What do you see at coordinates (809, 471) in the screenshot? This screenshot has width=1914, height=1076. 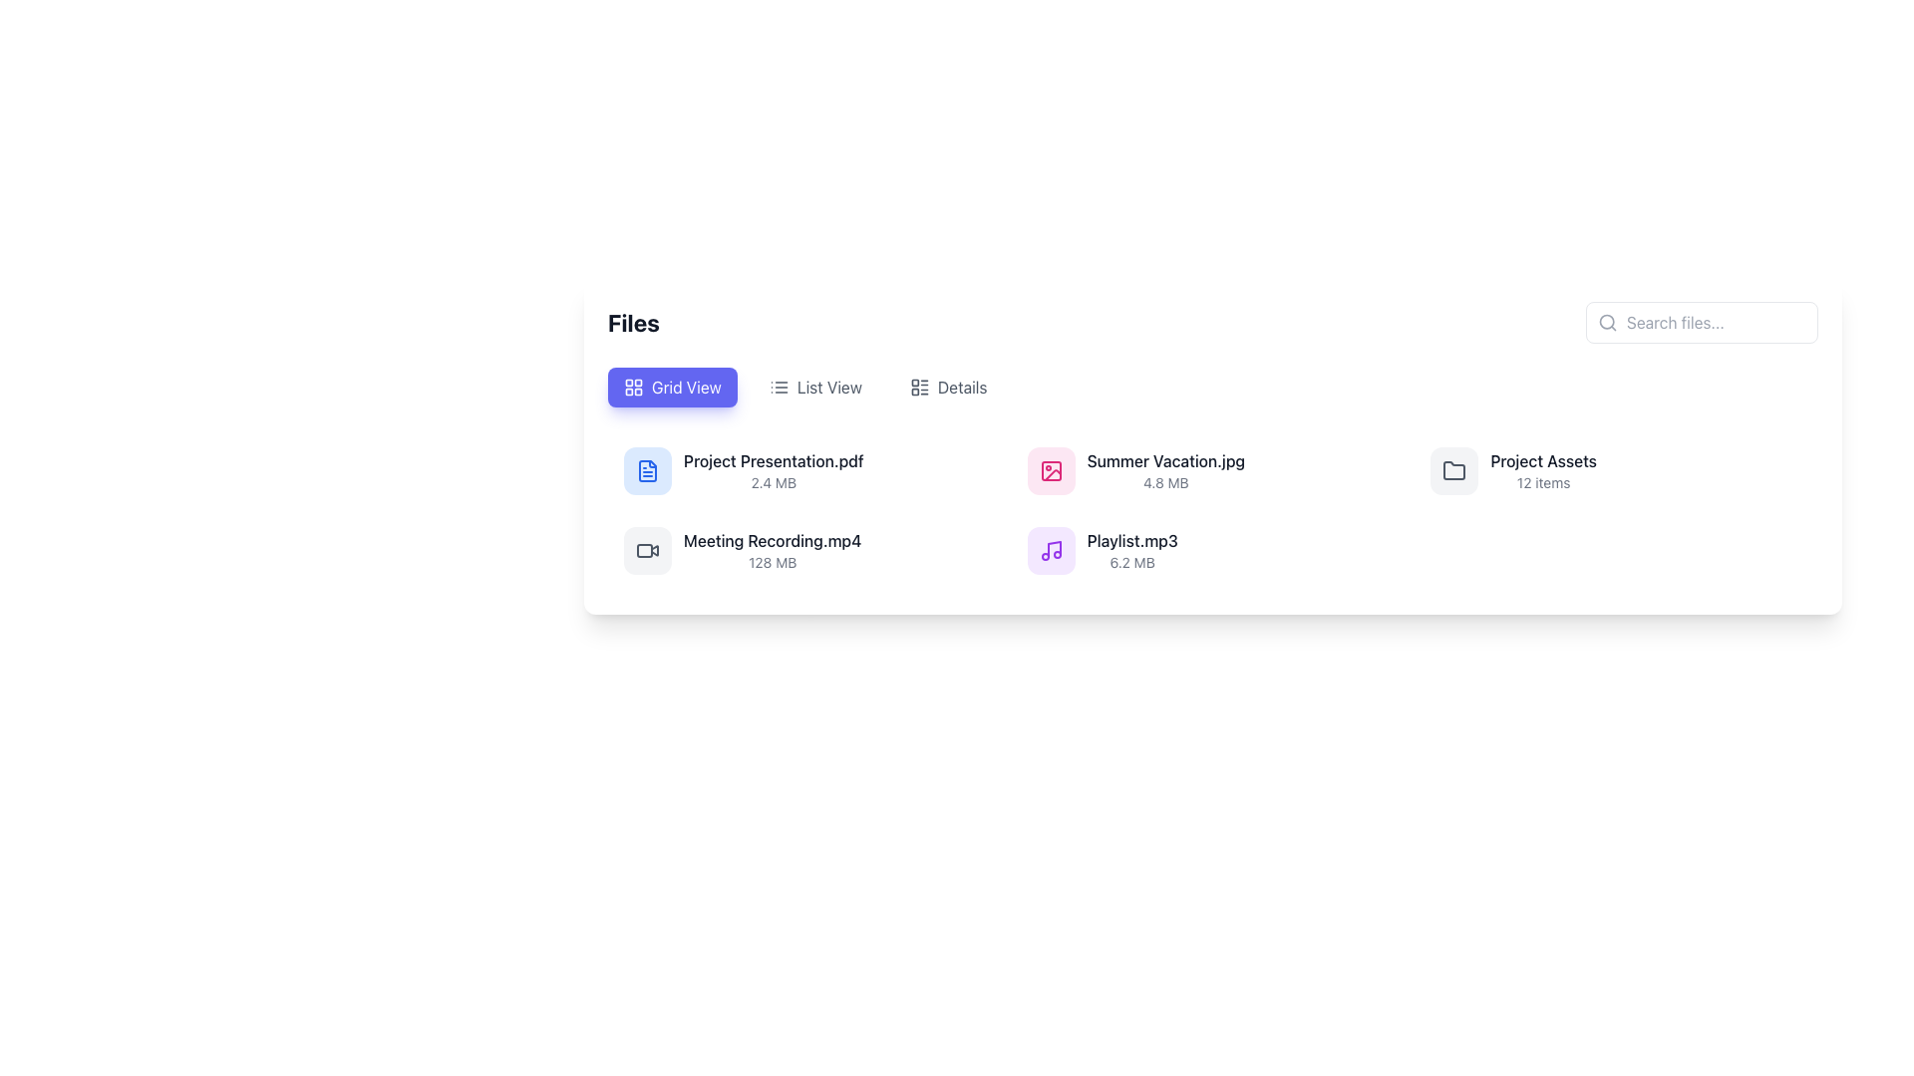 I see `the interactive file card representing 'Project Presentation.pdf', located at the top-left of the grid layout of files` at bounding box center [809, 471].